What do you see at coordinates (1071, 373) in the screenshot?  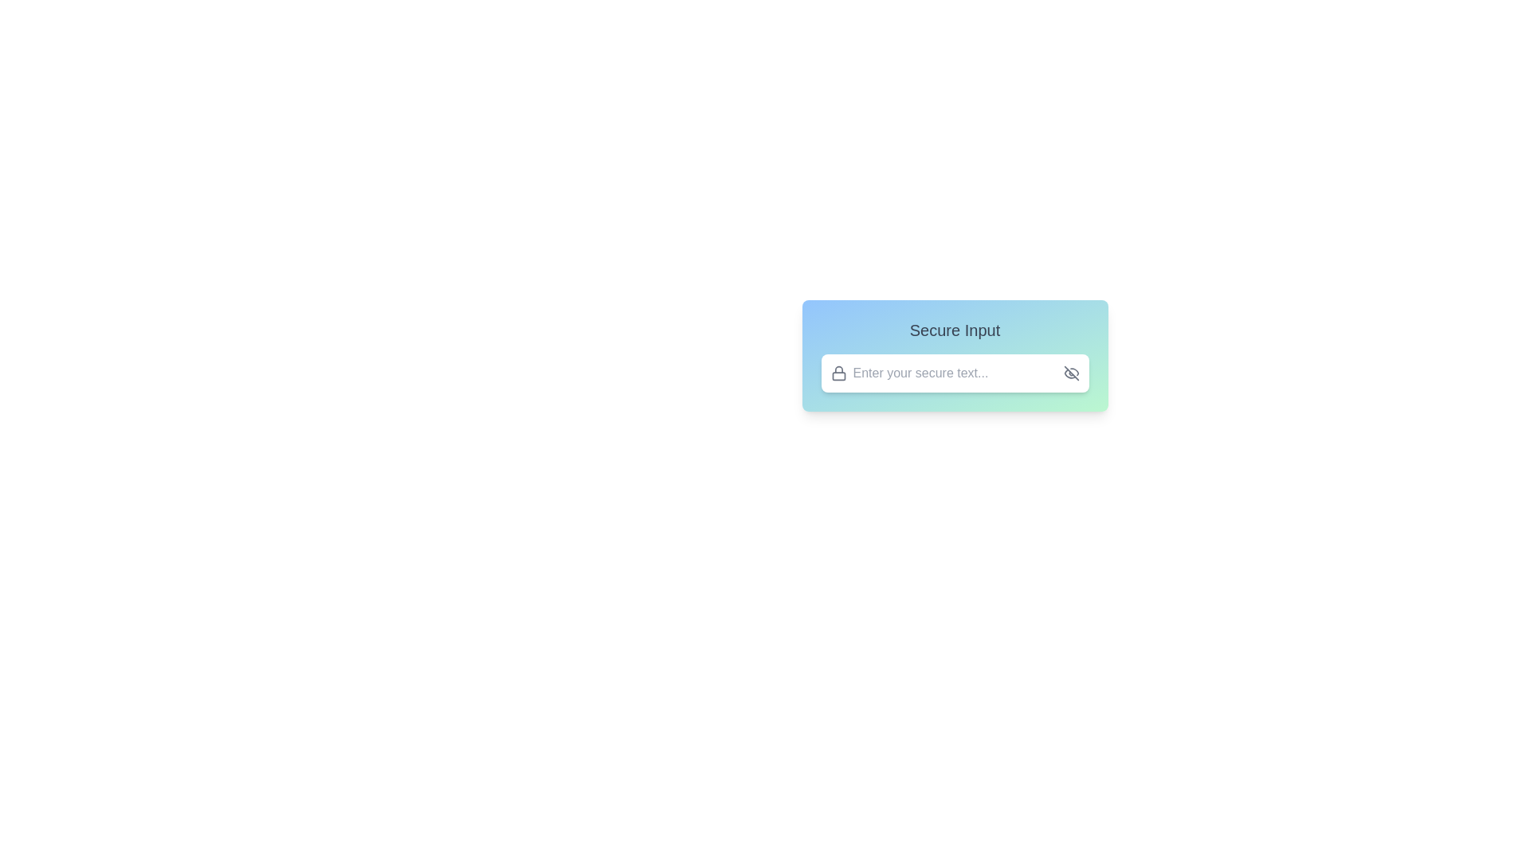 I see `the Icon button` at bounding box center [1071, 373].